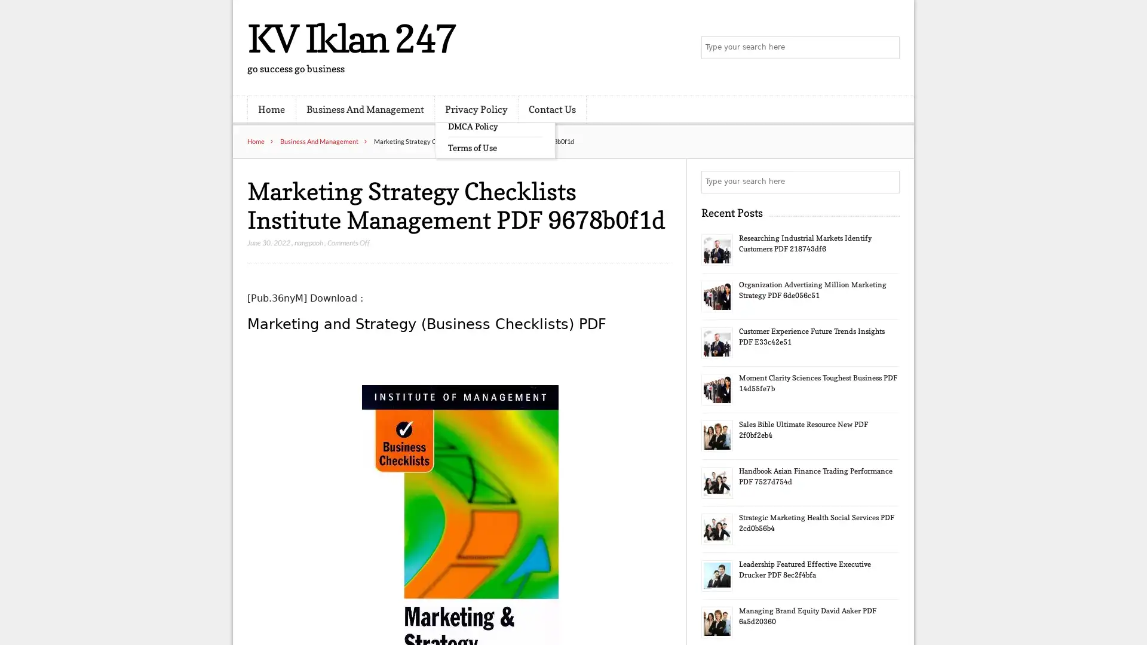  I want to click on Search, so click(887, 182).